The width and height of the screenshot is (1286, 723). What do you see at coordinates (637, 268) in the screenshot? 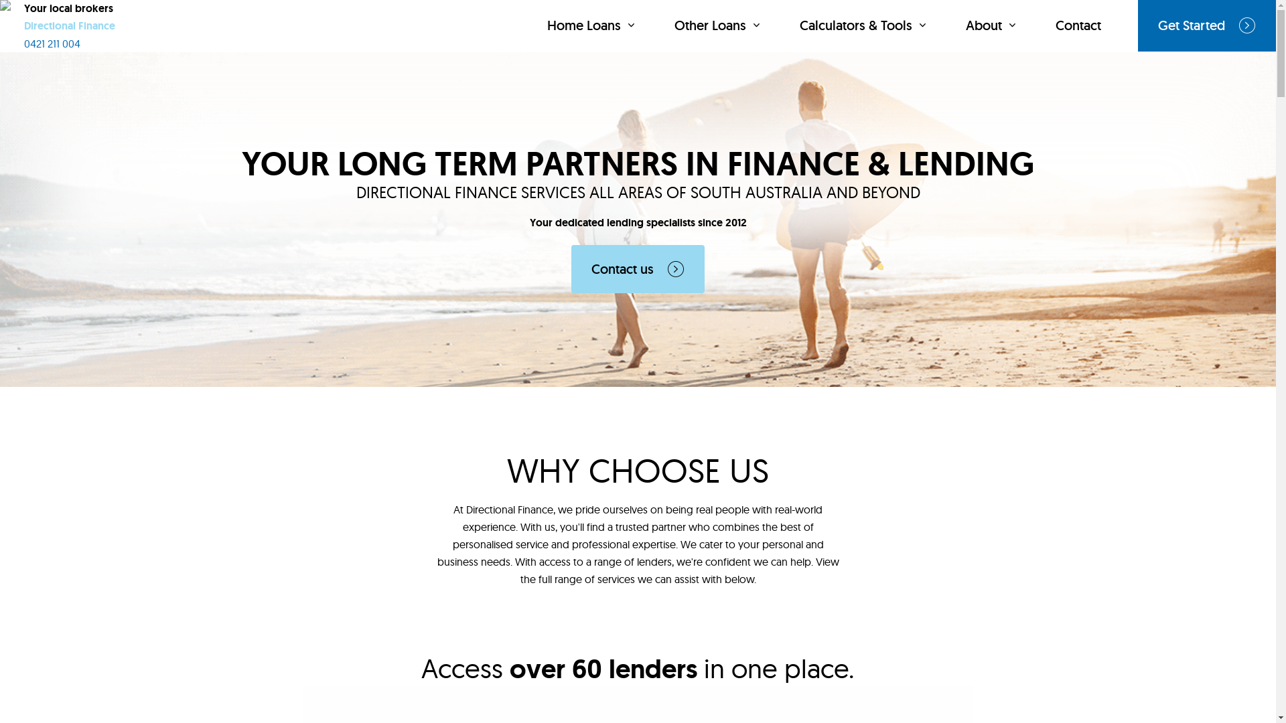
I see `'Contact us'` at bounding box center [637, 268].